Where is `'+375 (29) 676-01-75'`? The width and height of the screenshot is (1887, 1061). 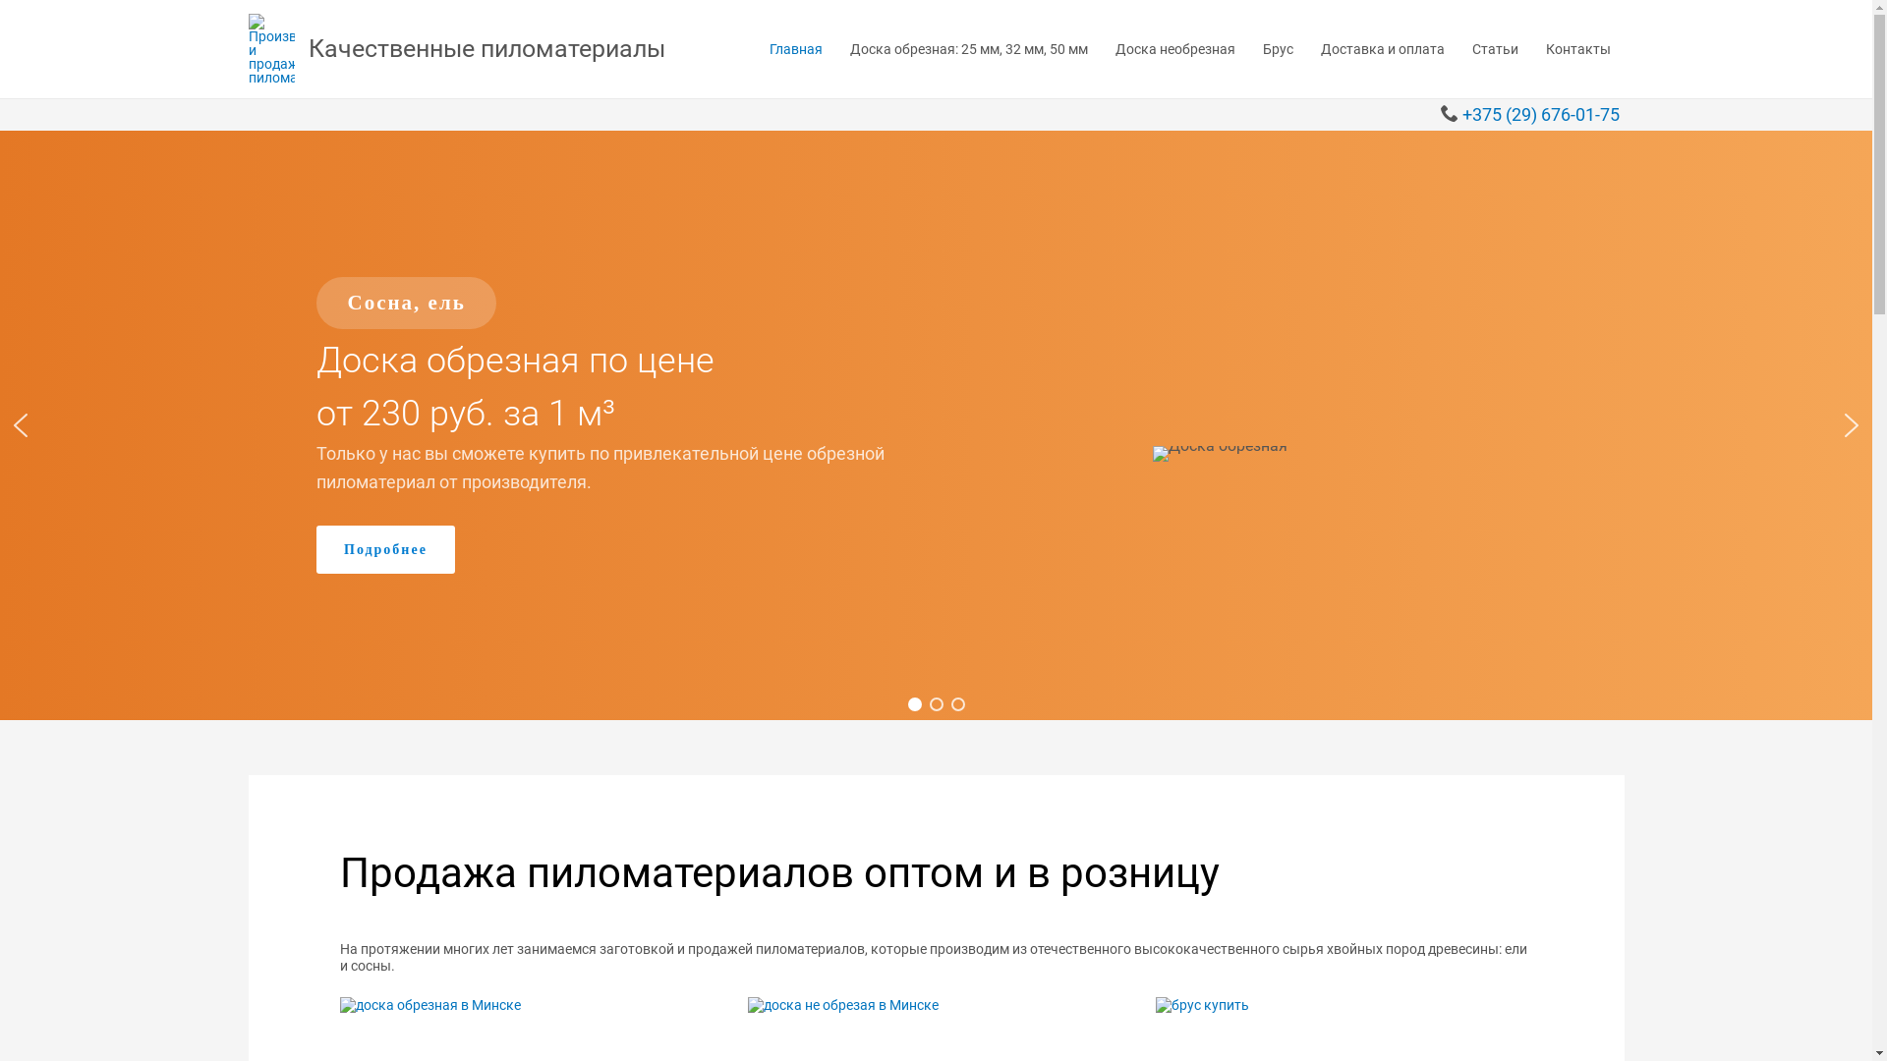
'+375 (29) 676-01-75' is located at coordinates (1462, 114).